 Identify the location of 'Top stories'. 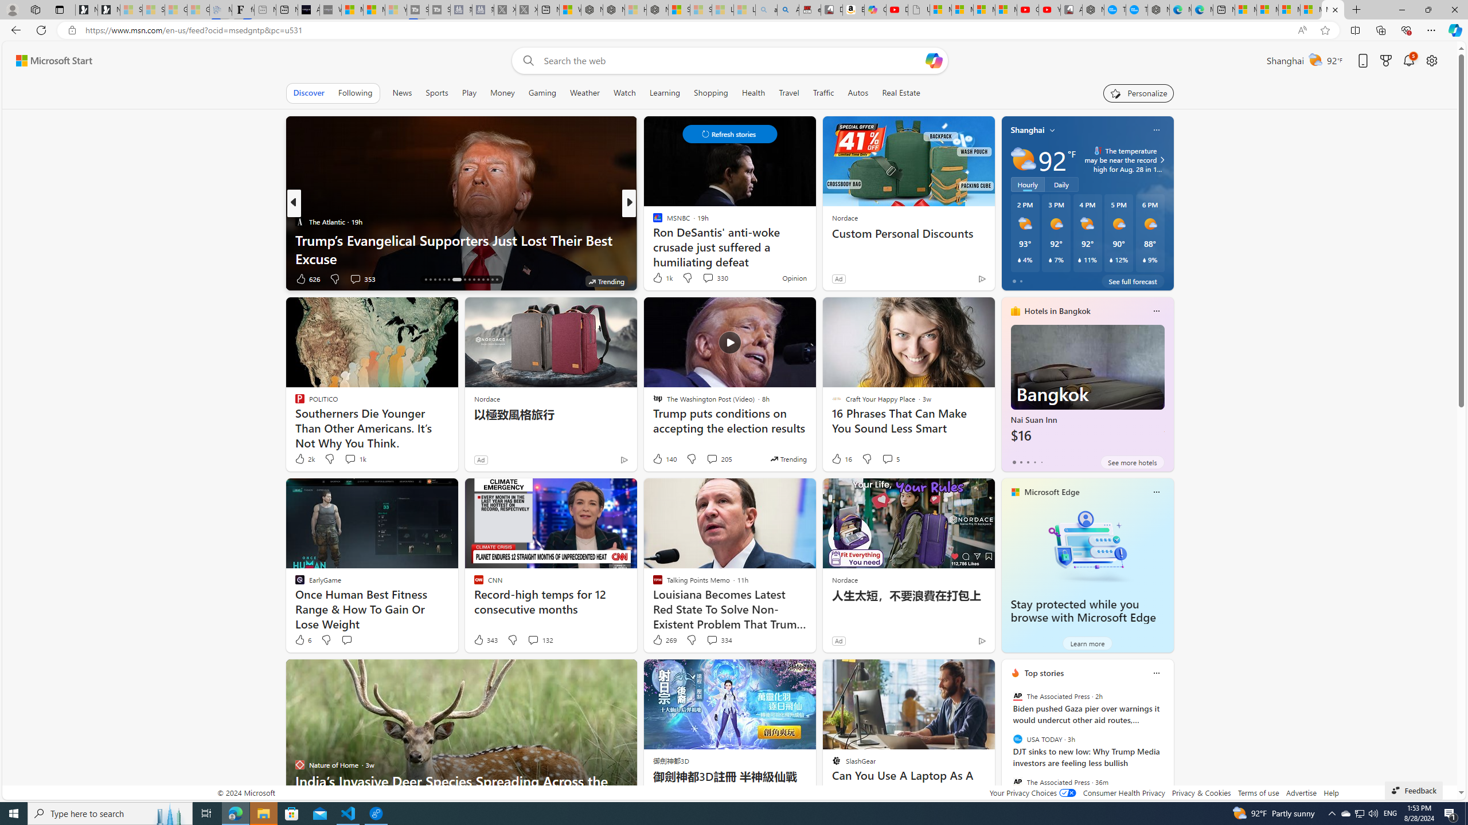
(1044, 673).